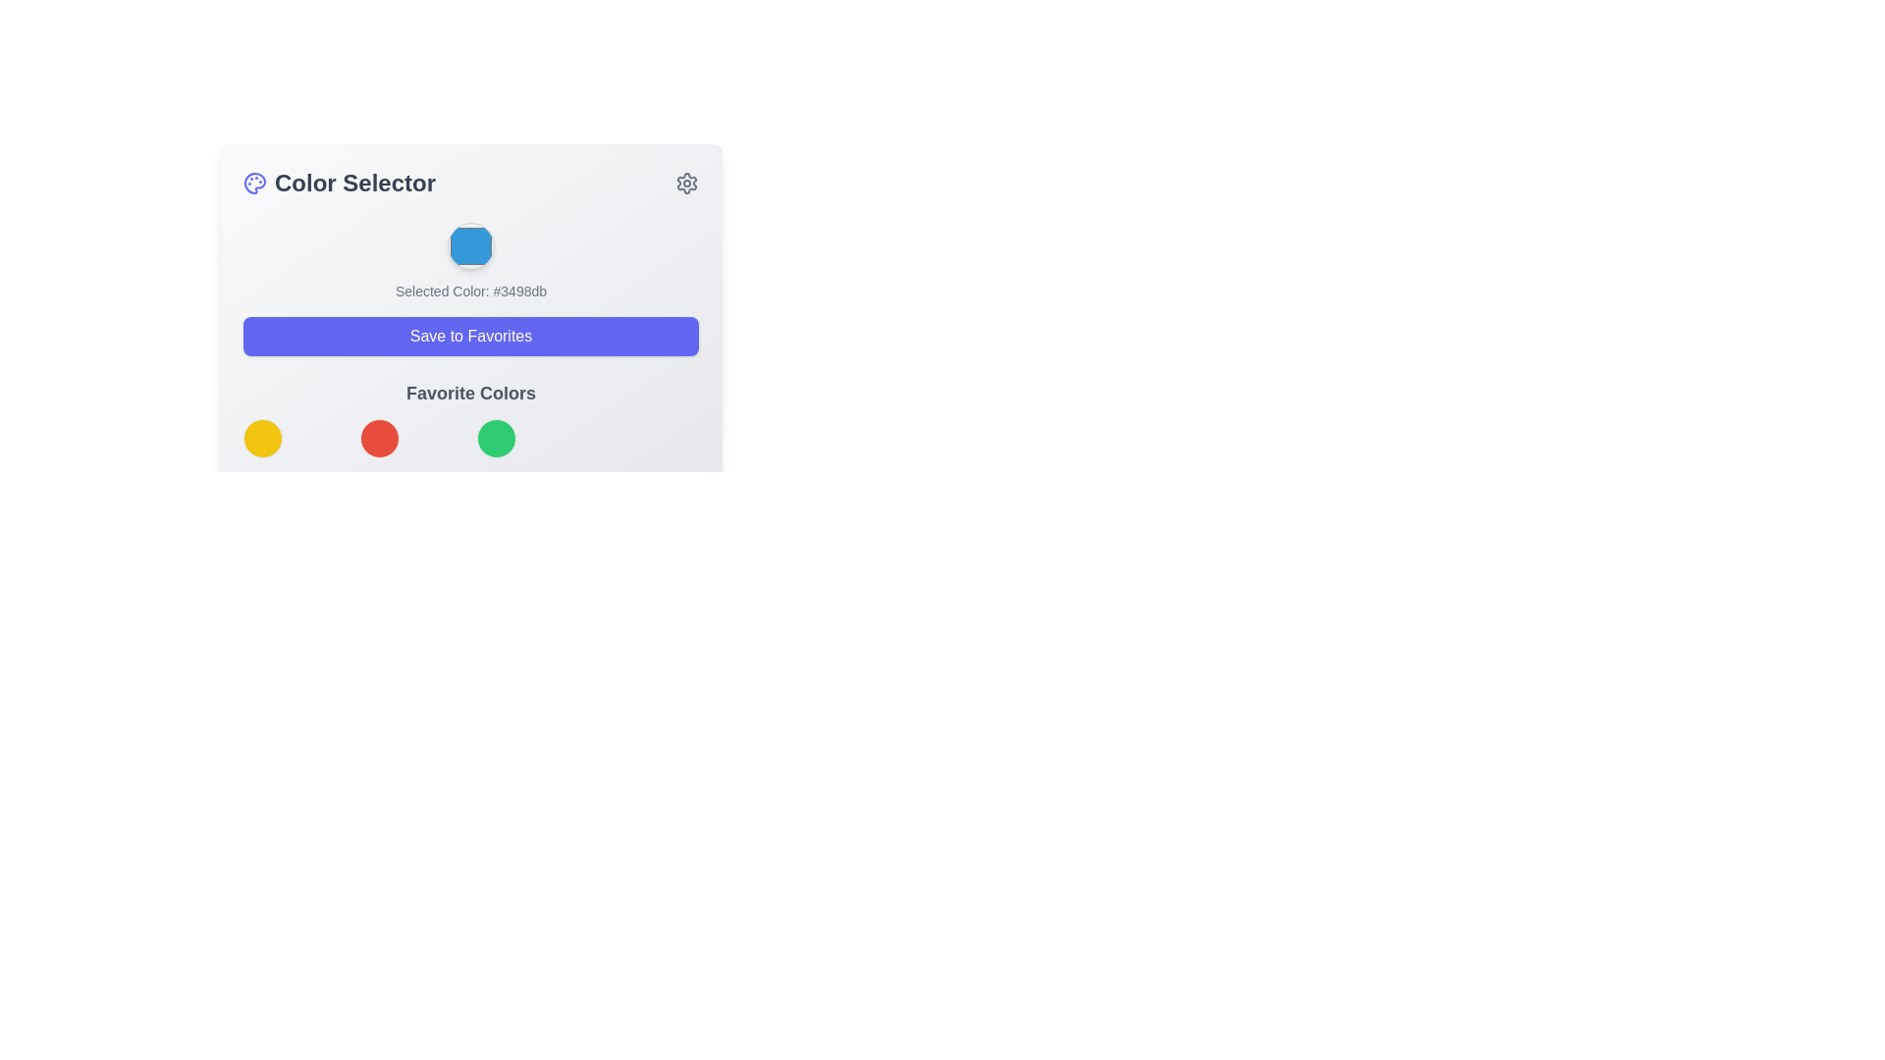 The width and height of the screenshot is (1885, 1060). What do you see at coordinates (380, 438) in the screenshot?
I see `the circular red button located below the 'Favorite Colors' section` at bounding box center [380, 438].